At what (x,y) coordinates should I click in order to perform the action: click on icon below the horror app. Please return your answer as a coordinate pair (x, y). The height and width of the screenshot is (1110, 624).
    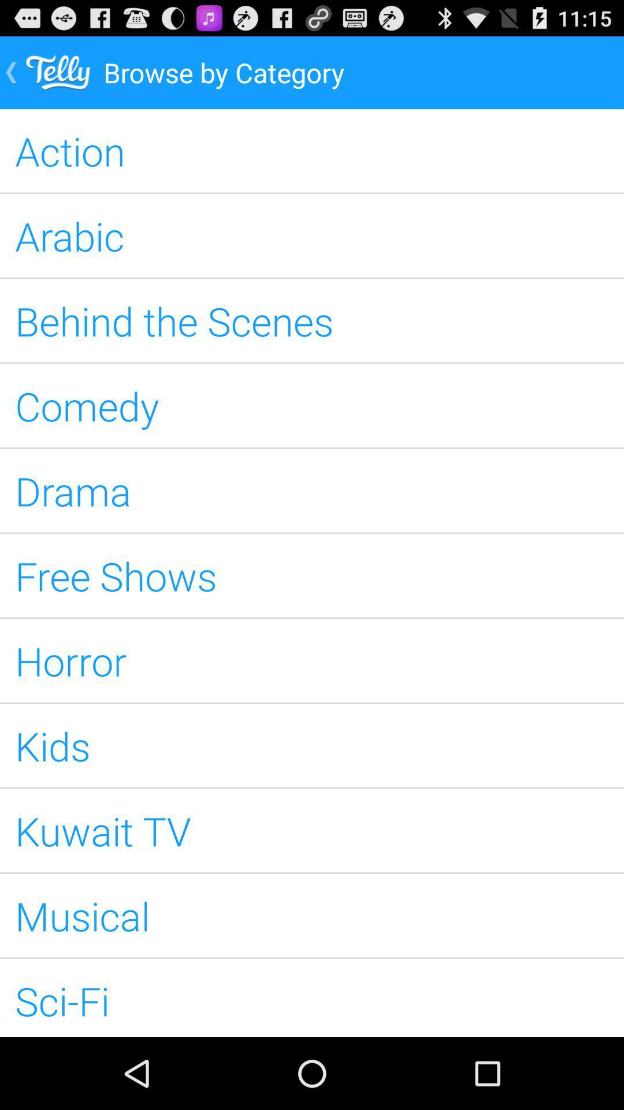
    Looking at the image, I should click on (312, 746).